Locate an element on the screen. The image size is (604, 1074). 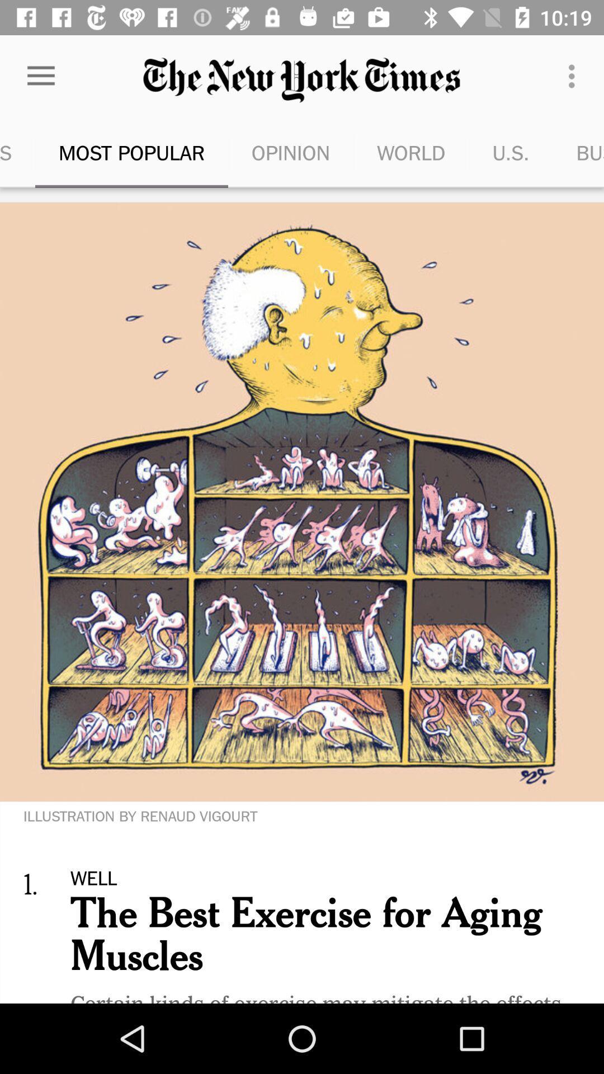
opinion option is located at coordinates (290, 152).